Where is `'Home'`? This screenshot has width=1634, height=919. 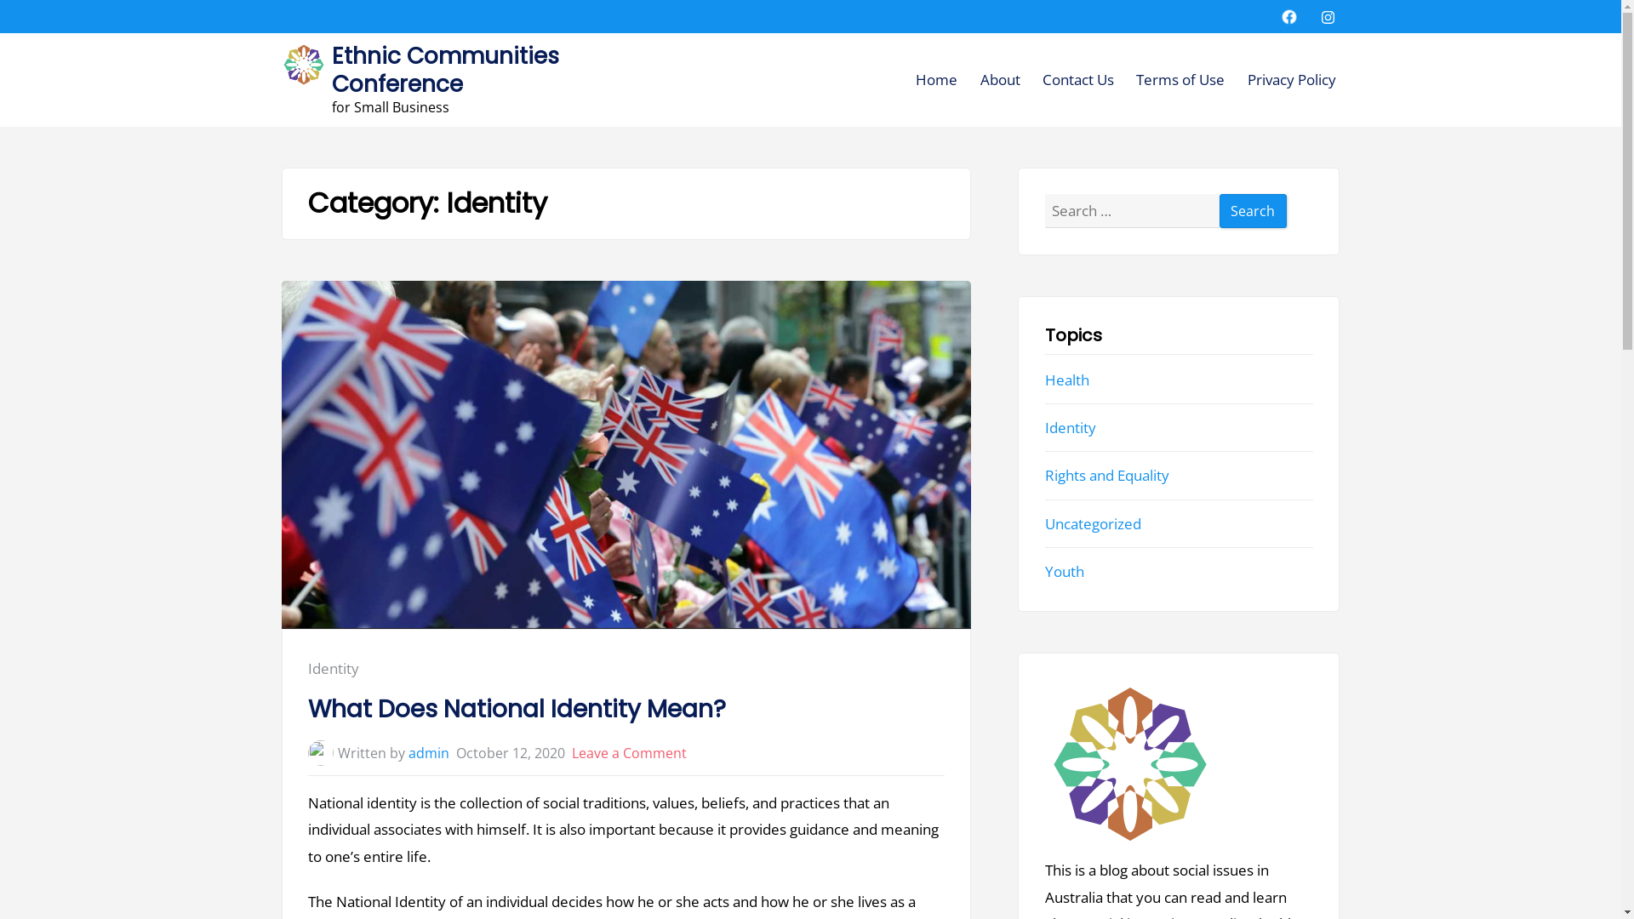 'Home' is located at coordinates (914, 79).